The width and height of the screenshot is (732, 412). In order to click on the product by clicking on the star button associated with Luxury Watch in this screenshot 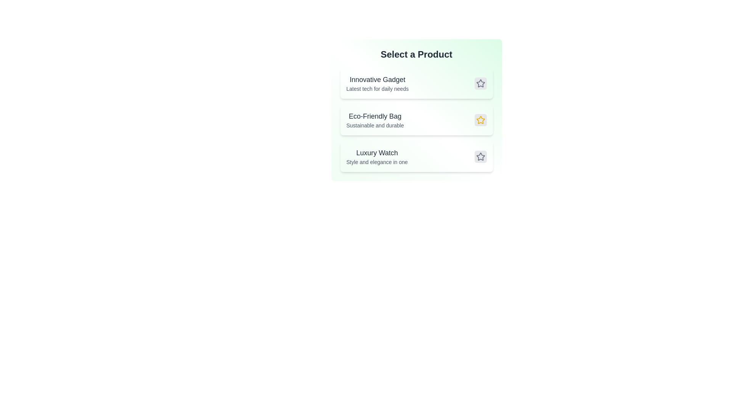, I will do `click(480, 156)`.